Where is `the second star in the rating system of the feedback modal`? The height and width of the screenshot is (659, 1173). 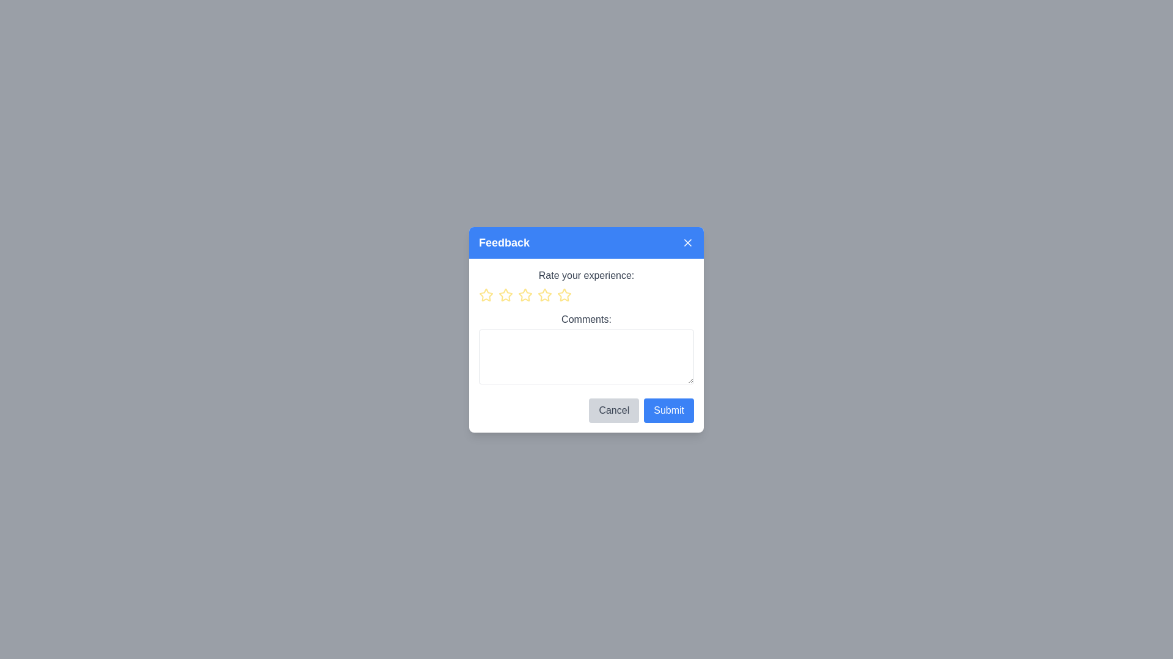 the second star in the rating system of the feedback modal is located at coordinates (525, 295).